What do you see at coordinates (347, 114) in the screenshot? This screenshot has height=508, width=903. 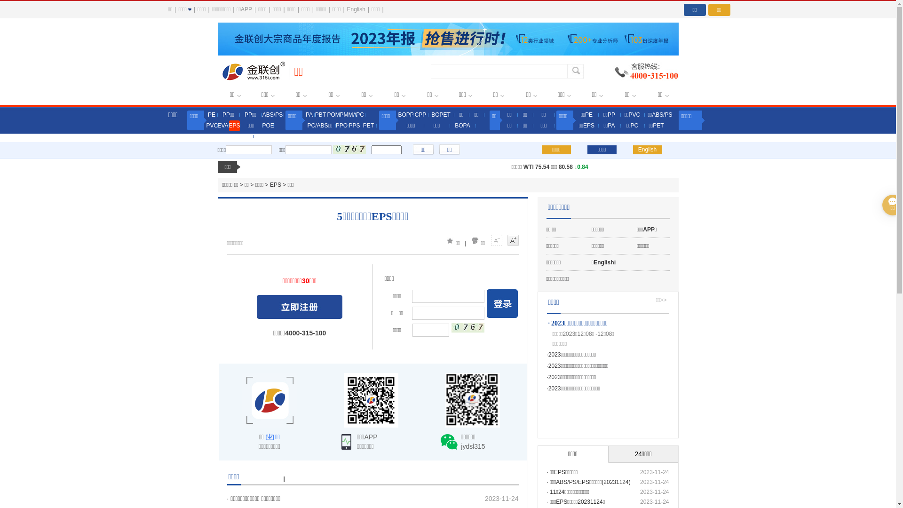 I see `'PMMA'` at bounding box center [347, 114].